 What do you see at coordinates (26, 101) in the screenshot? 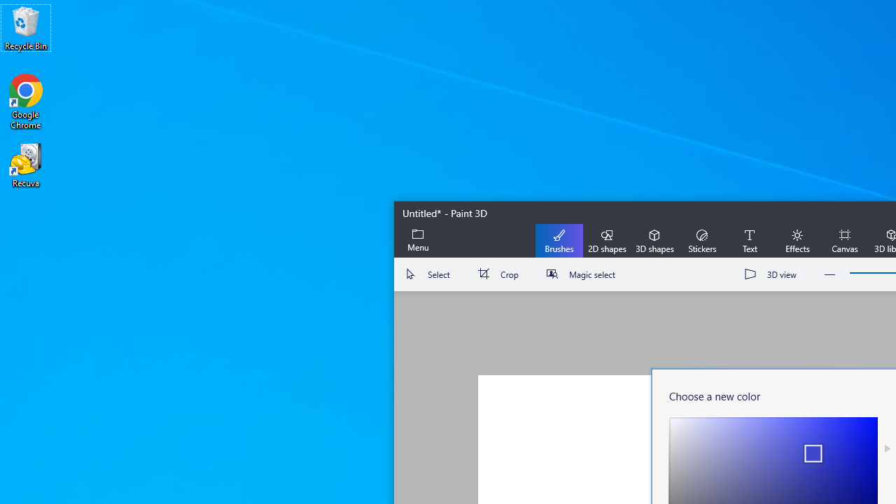
I see `'Google Chrome'` at bounding box center [26, 101].